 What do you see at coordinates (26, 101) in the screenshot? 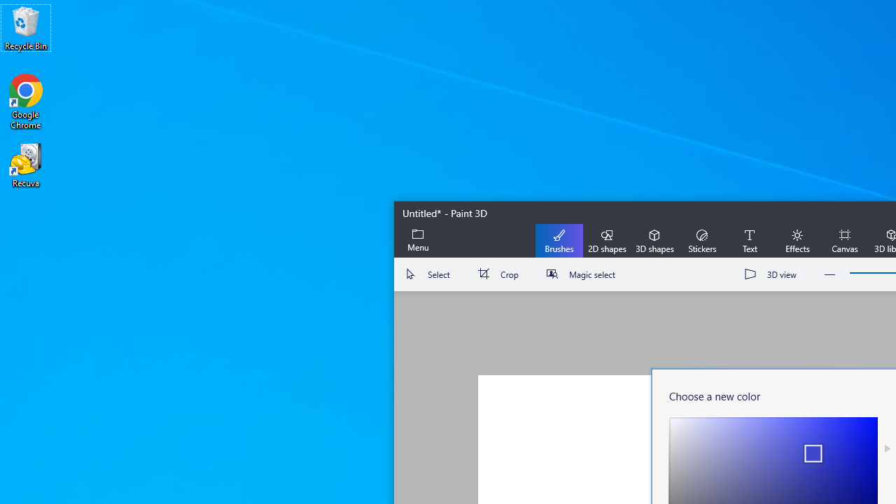
I see `'Google Chrome'` at bounding box center [26, 101].